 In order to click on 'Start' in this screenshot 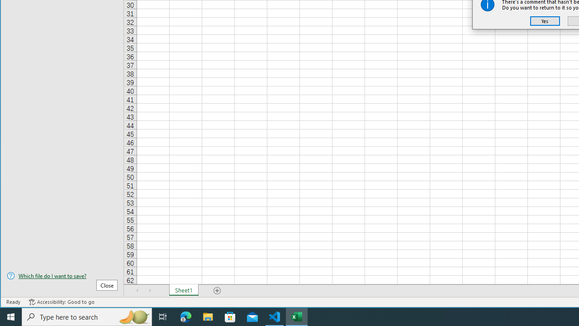, I will do `click(11, 316)`.